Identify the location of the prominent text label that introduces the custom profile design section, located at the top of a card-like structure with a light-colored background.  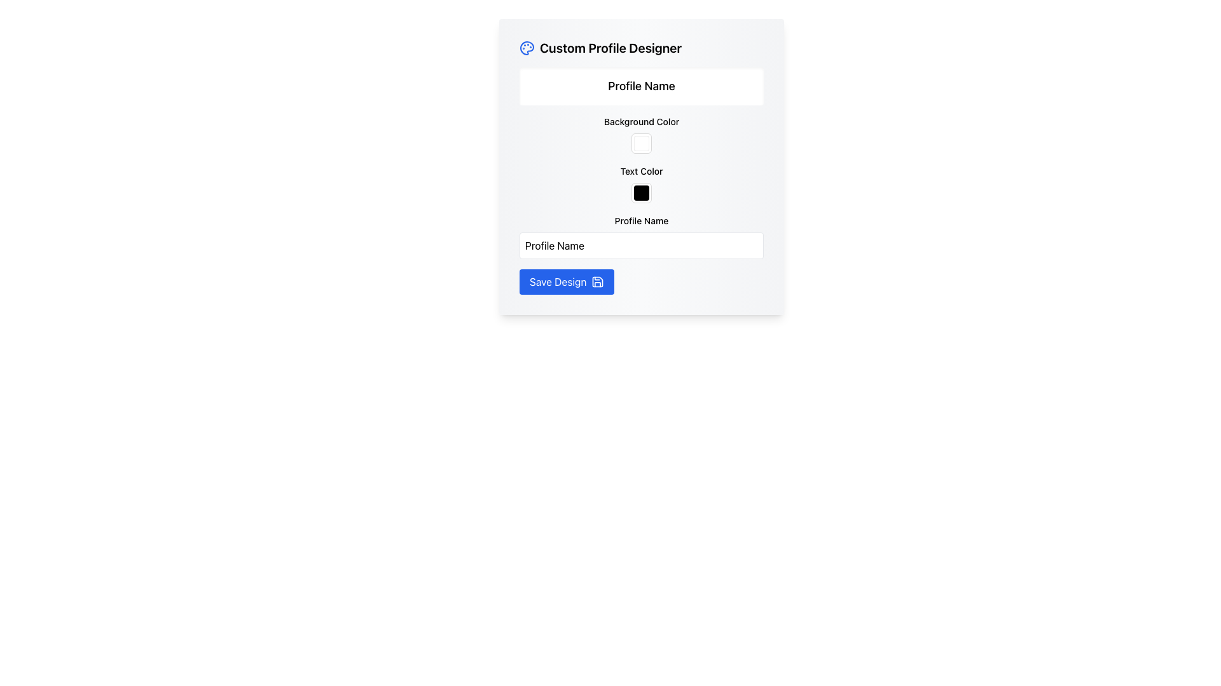
(641, 48).